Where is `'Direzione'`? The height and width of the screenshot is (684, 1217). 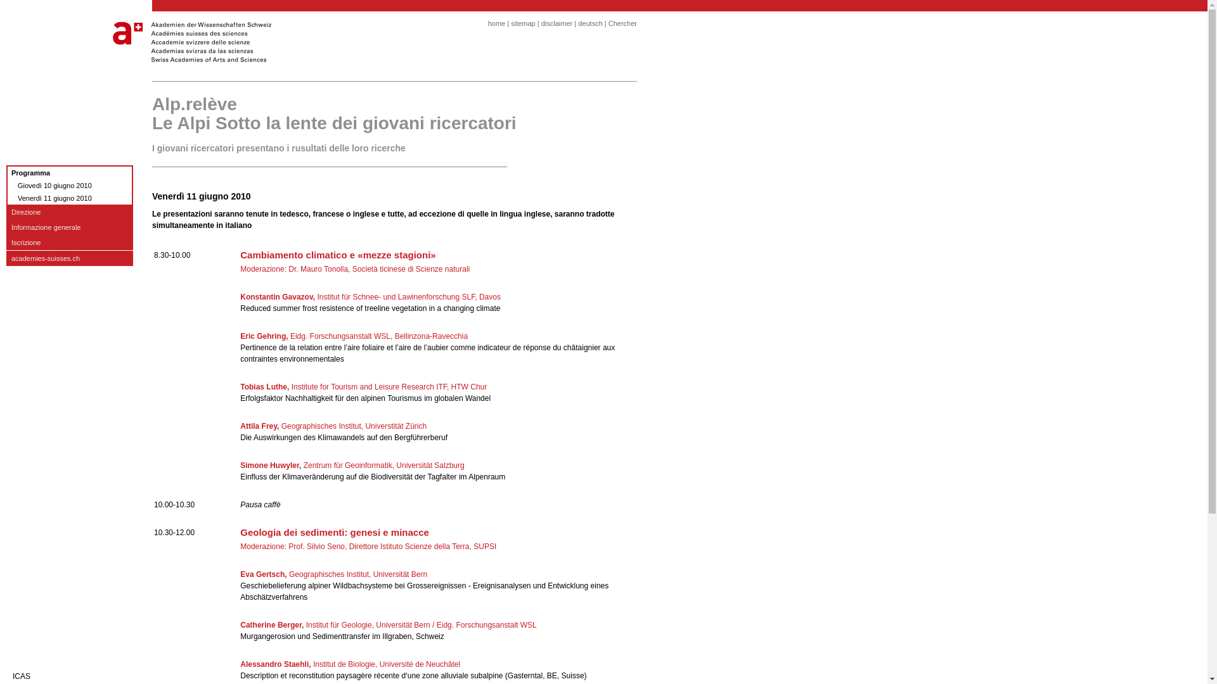
'Direzione' is located at coordinates (69, 212).